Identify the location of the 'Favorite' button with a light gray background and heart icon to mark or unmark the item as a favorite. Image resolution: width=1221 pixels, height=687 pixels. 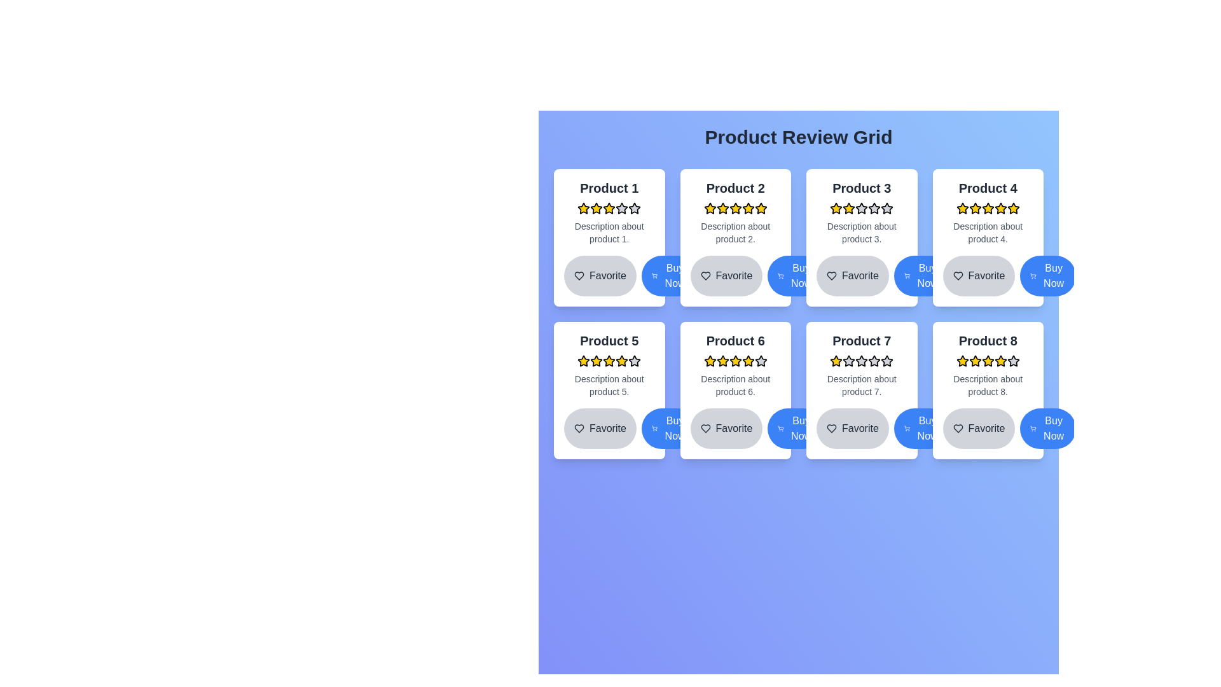
(862, 429).